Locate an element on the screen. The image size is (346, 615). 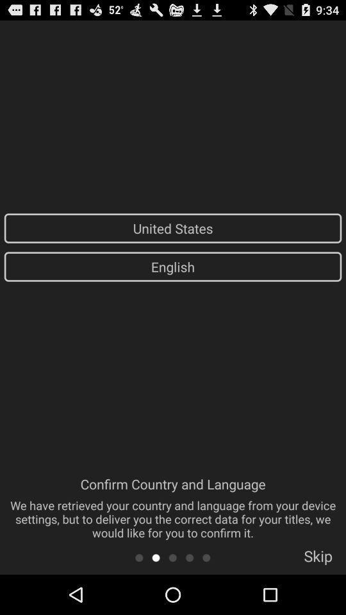
app to the left of skip icon is located at coordinates (206, 557).